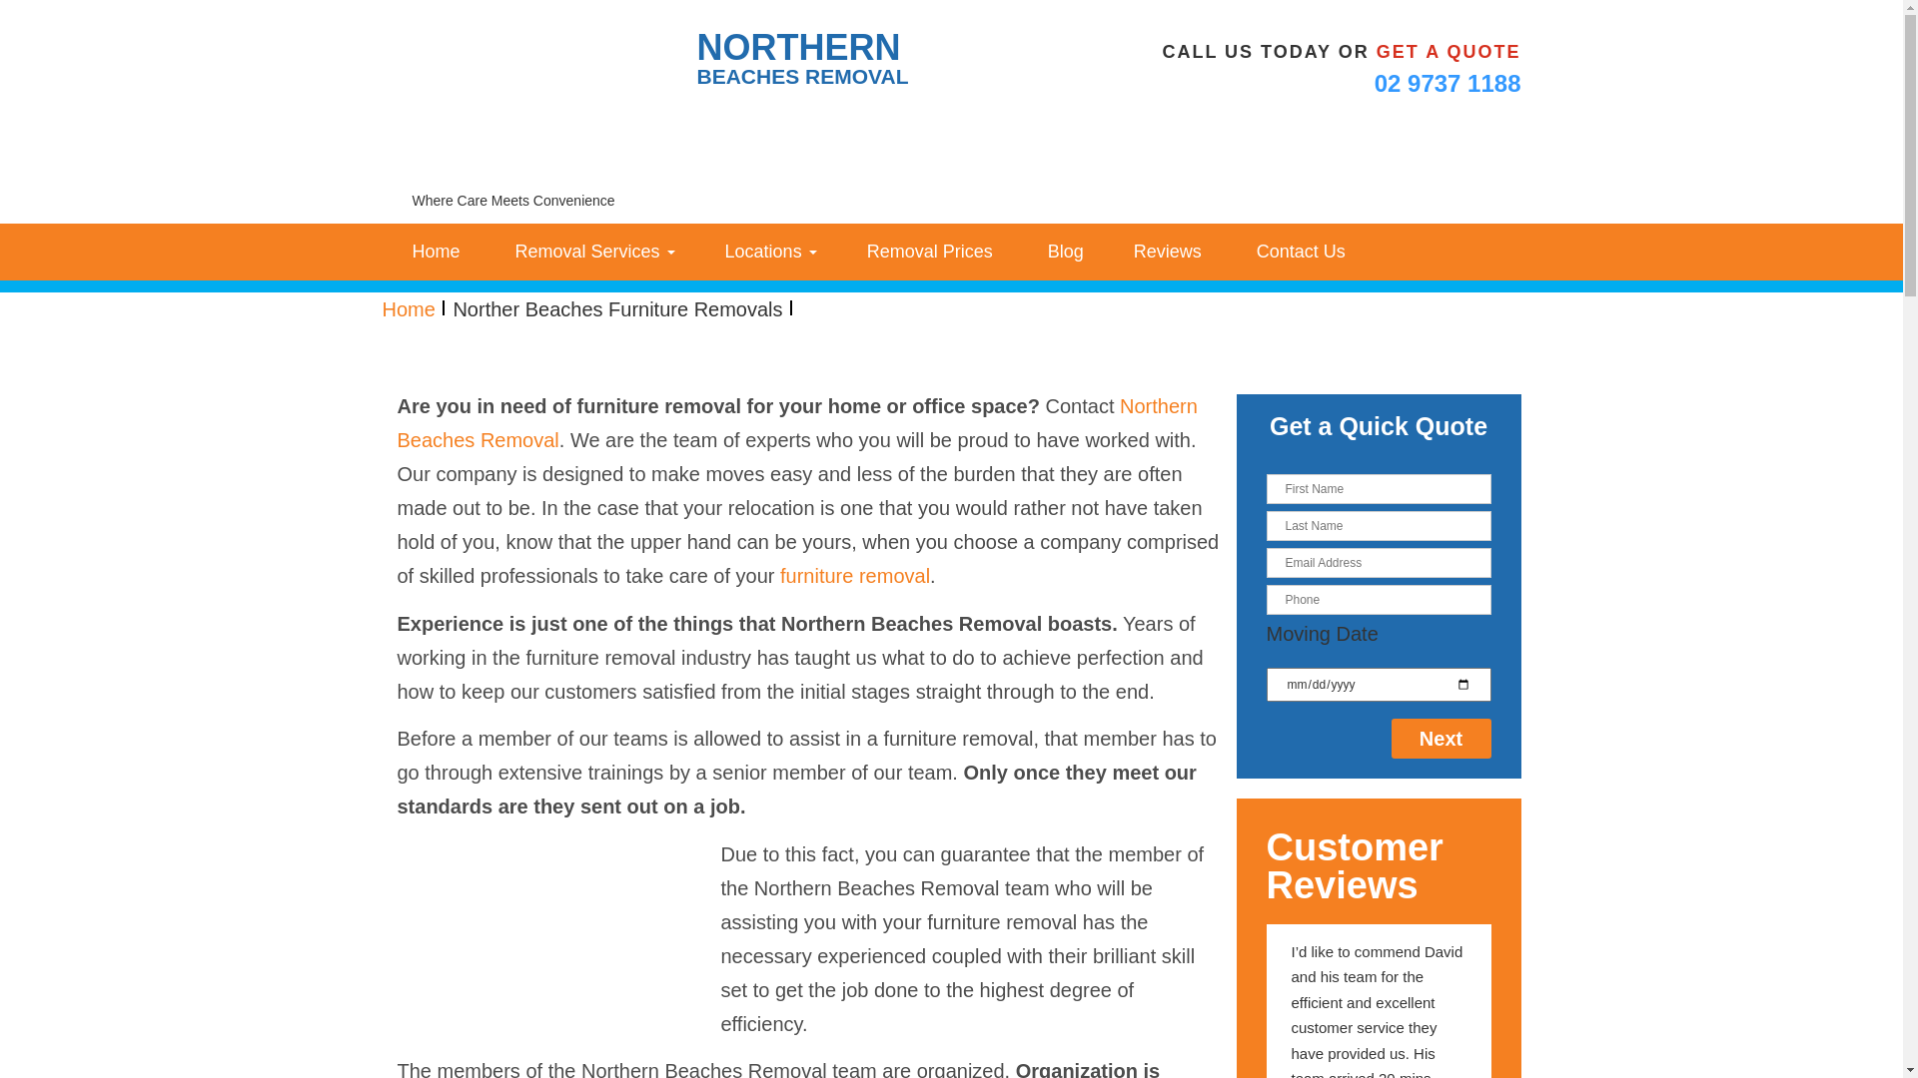  Describe the element at coordinates (854, 576) in the screenshot. I see `'furniture removal'` at that location.